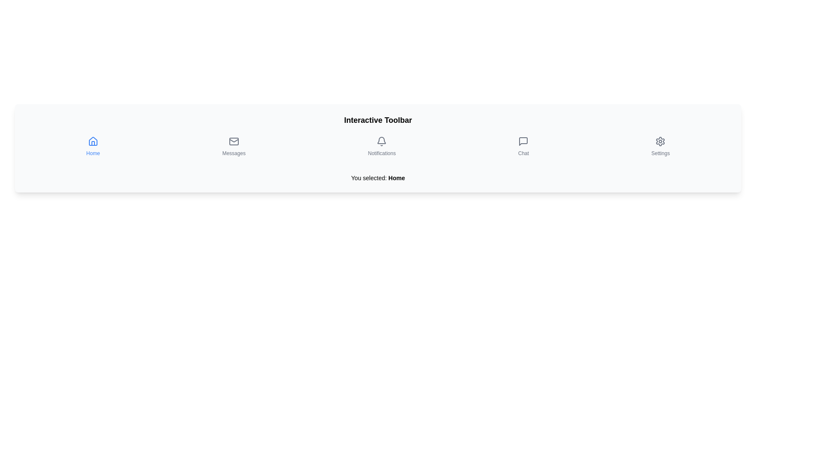  Describe the element at coordinates (234, 153) in the screenshot. I see `the 'Messages' text label located below the envelope icon on the interactive toolbar` at that location.